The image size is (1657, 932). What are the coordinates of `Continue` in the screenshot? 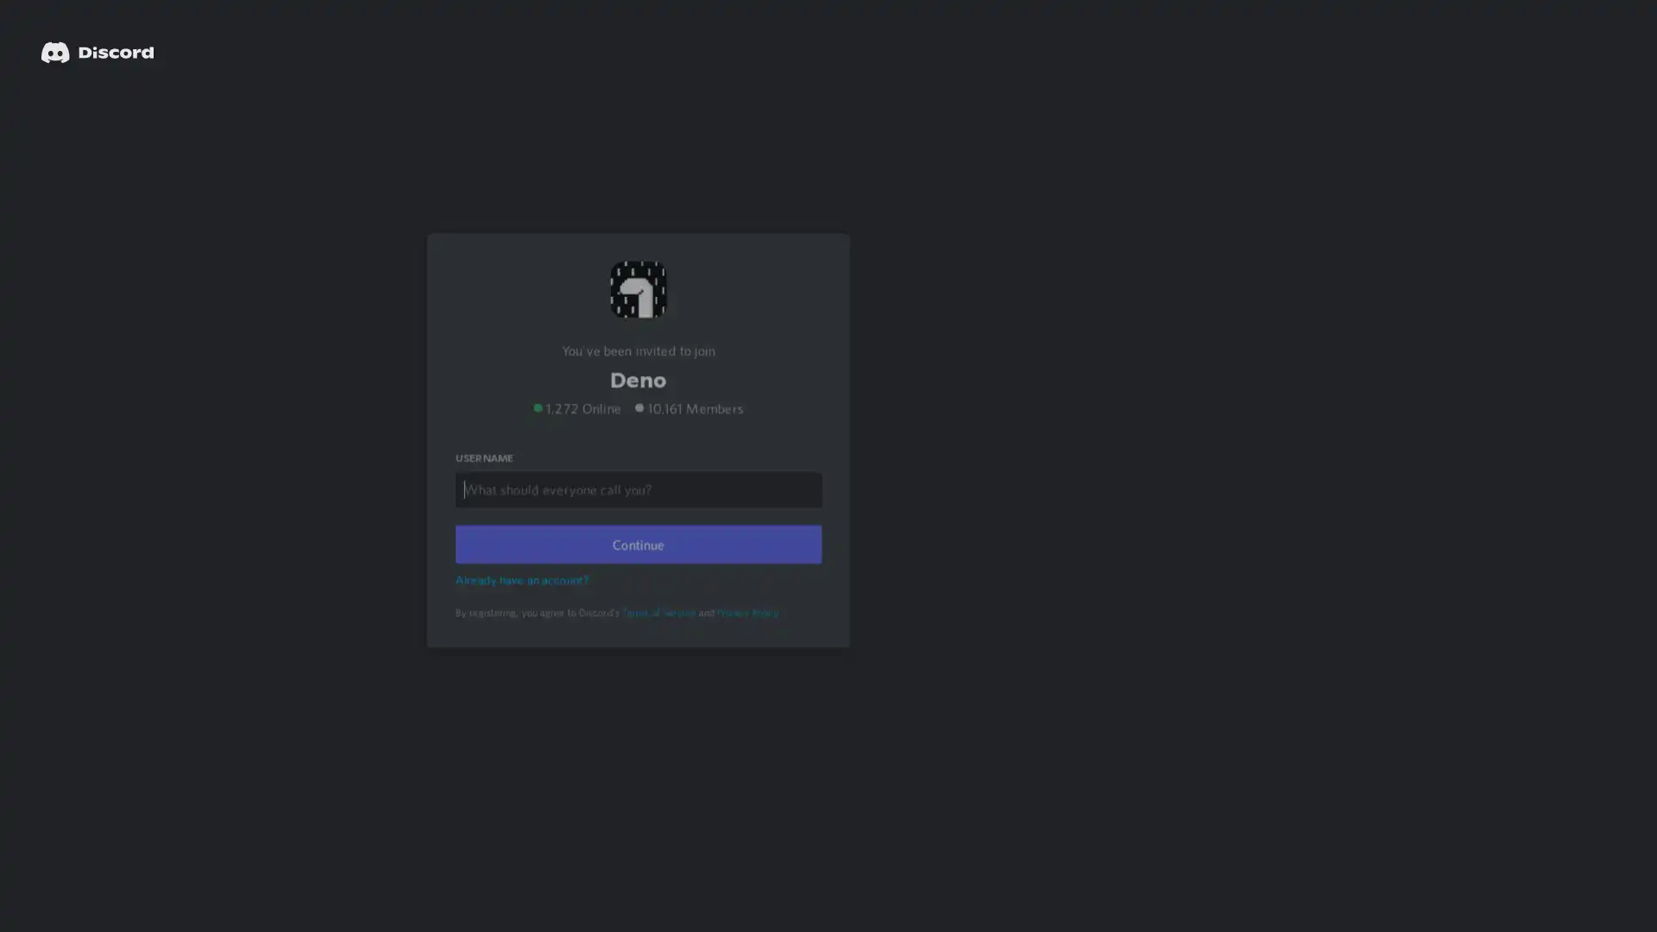 It's located at (637, 566).